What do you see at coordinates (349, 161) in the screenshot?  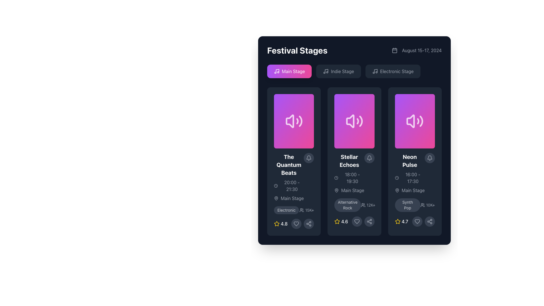 I see `the header text element 'Stellar Echoes', which serves as the title for a specific event, positioned above the time and location labels in the middle card of three event cards` at bounding box center [349, 161].